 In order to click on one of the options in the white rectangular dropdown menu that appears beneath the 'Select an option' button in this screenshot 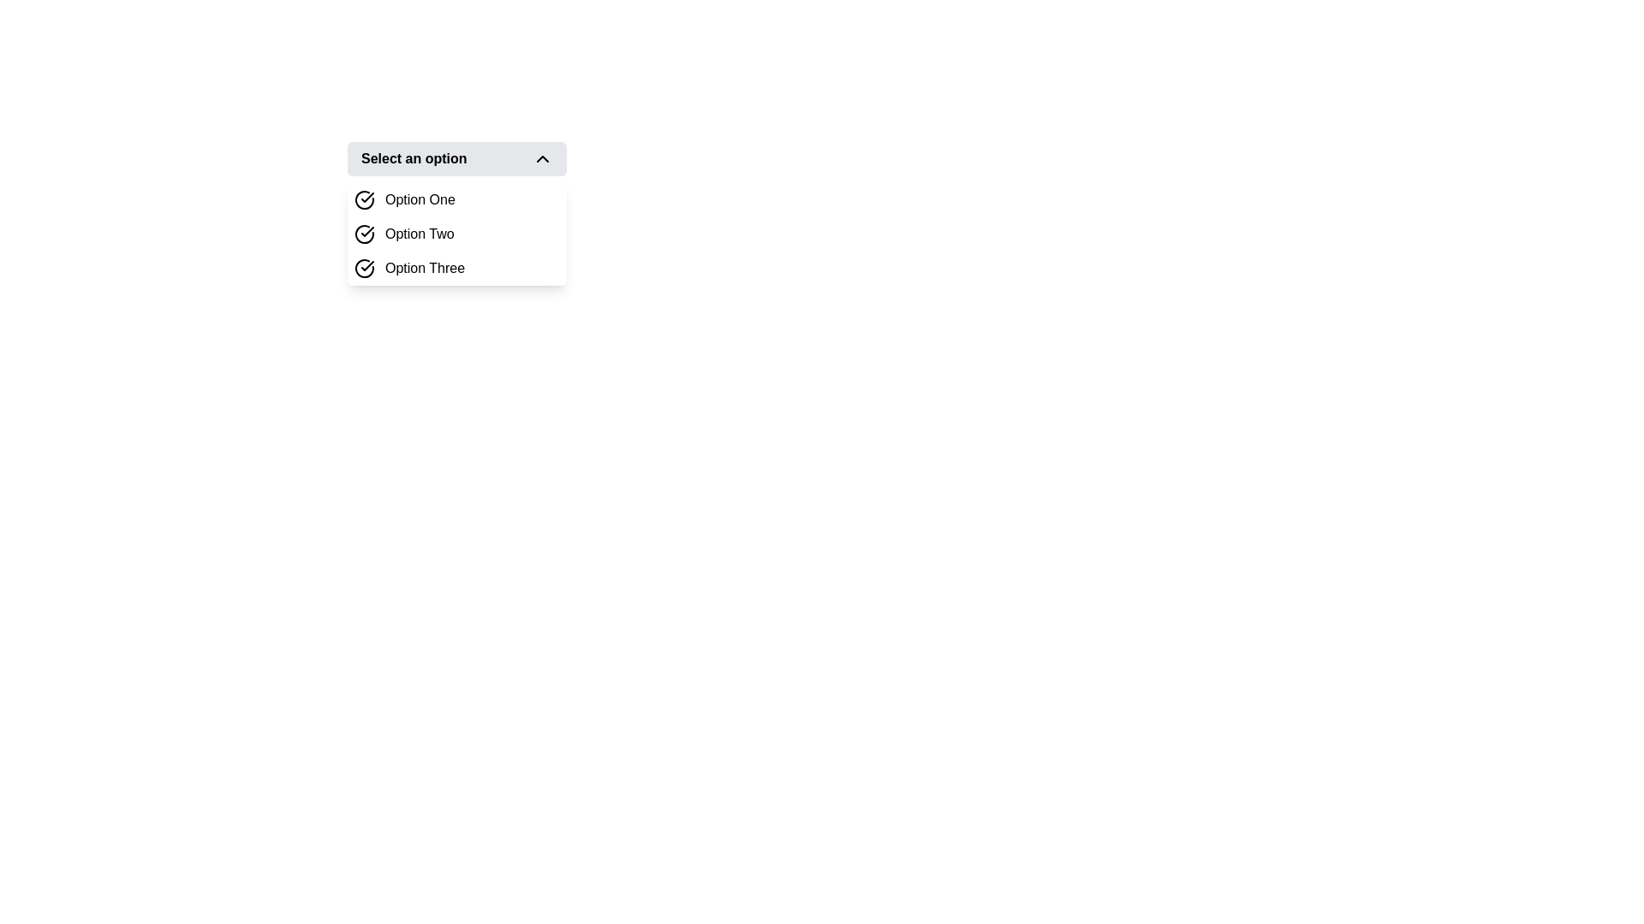, I will do `click(456, 234)`.